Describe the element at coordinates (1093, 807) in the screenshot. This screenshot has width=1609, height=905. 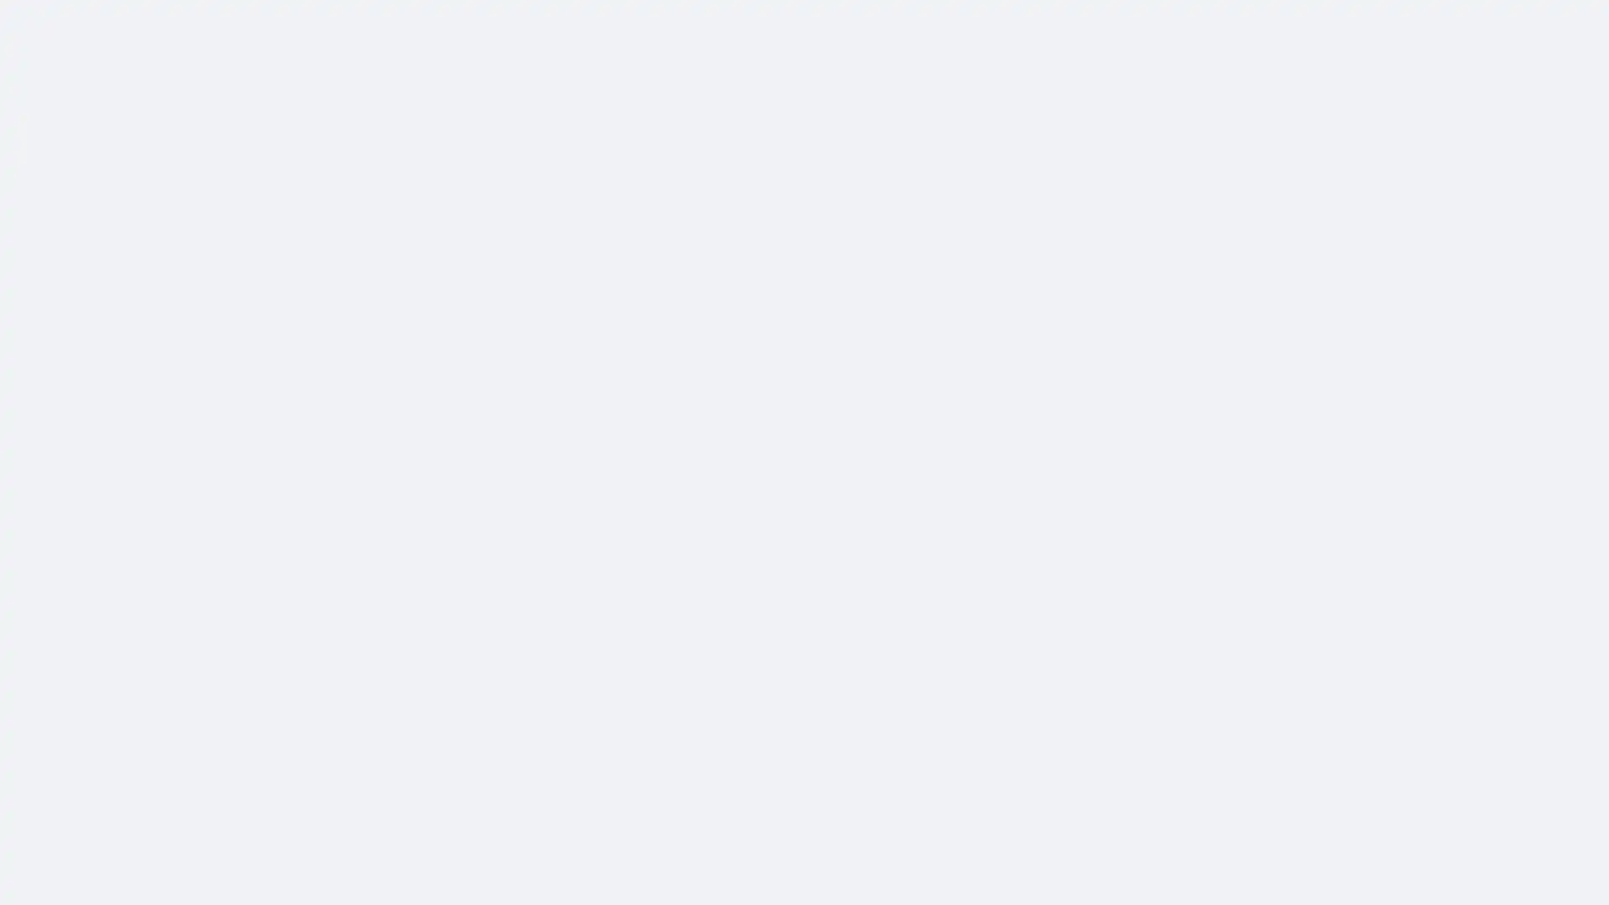
I see `Share` at that location.